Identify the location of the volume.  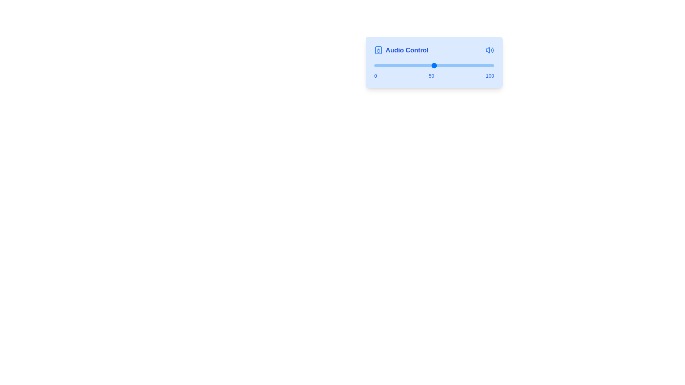
(453, 66).